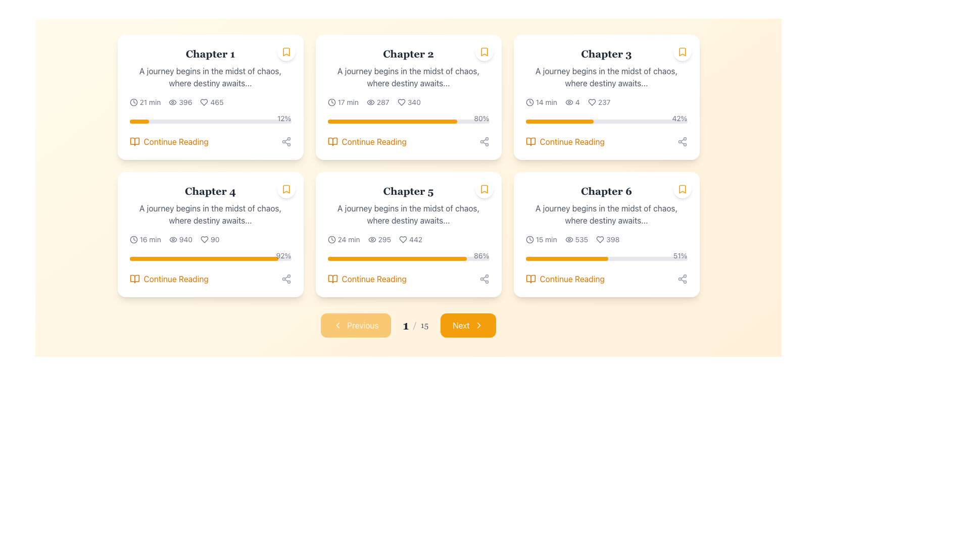 This screenshot has width=970, height=545. What do you see at coordinates (204, 102) in the screenshot?
I see `the heart-shaped like icon located in the 'Chapter 1' card` at bounding box center [204, 102].